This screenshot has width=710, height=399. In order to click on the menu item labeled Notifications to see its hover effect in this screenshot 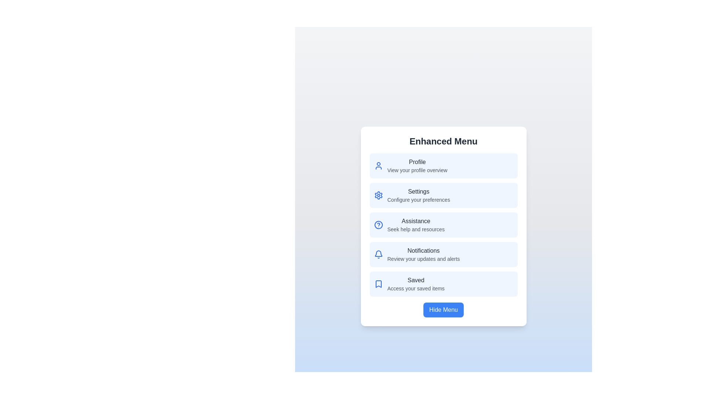, I will do `click(443, 254)`.